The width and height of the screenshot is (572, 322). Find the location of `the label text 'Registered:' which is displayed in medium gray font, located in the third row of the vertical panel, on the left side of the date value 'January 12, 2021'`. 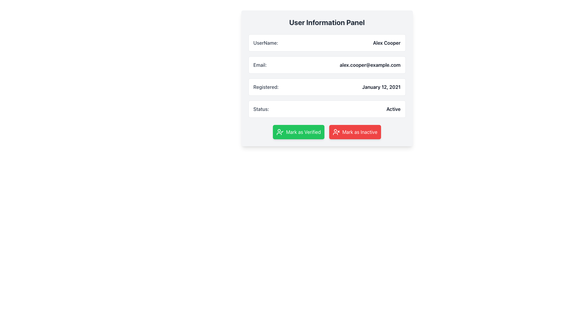

the label text 'Registered:' which is displayed in medium gray font, located in the third row of the vertical panel, on the left side of the date value 'January 12, 2021' is located at coordinates (265, 87).